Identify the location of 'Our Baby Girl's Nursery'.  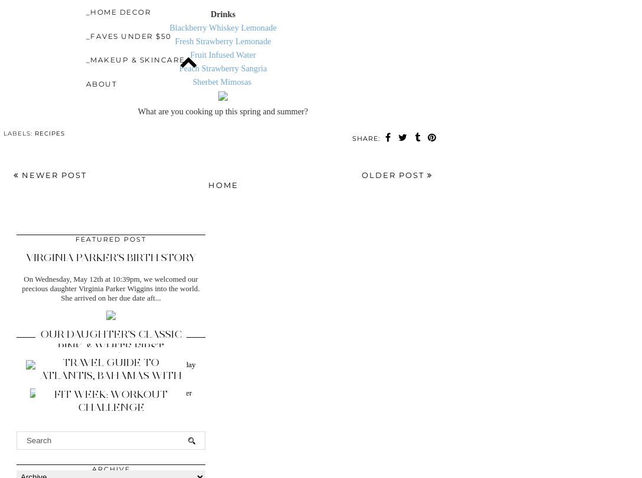
(110, 378).